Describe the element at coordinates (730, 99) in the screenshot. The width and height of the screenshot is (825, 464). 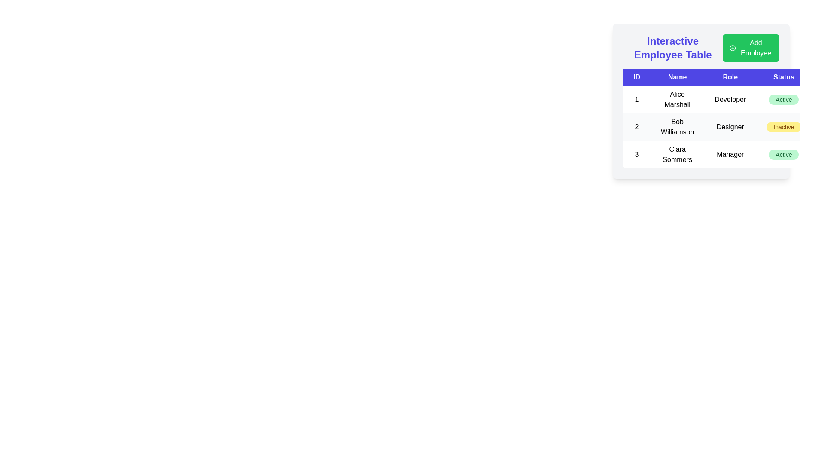
I see `the 'Developer' role text for 'Alice Marshall' in the first row of the 'Interactive Employee Table'` at that location.